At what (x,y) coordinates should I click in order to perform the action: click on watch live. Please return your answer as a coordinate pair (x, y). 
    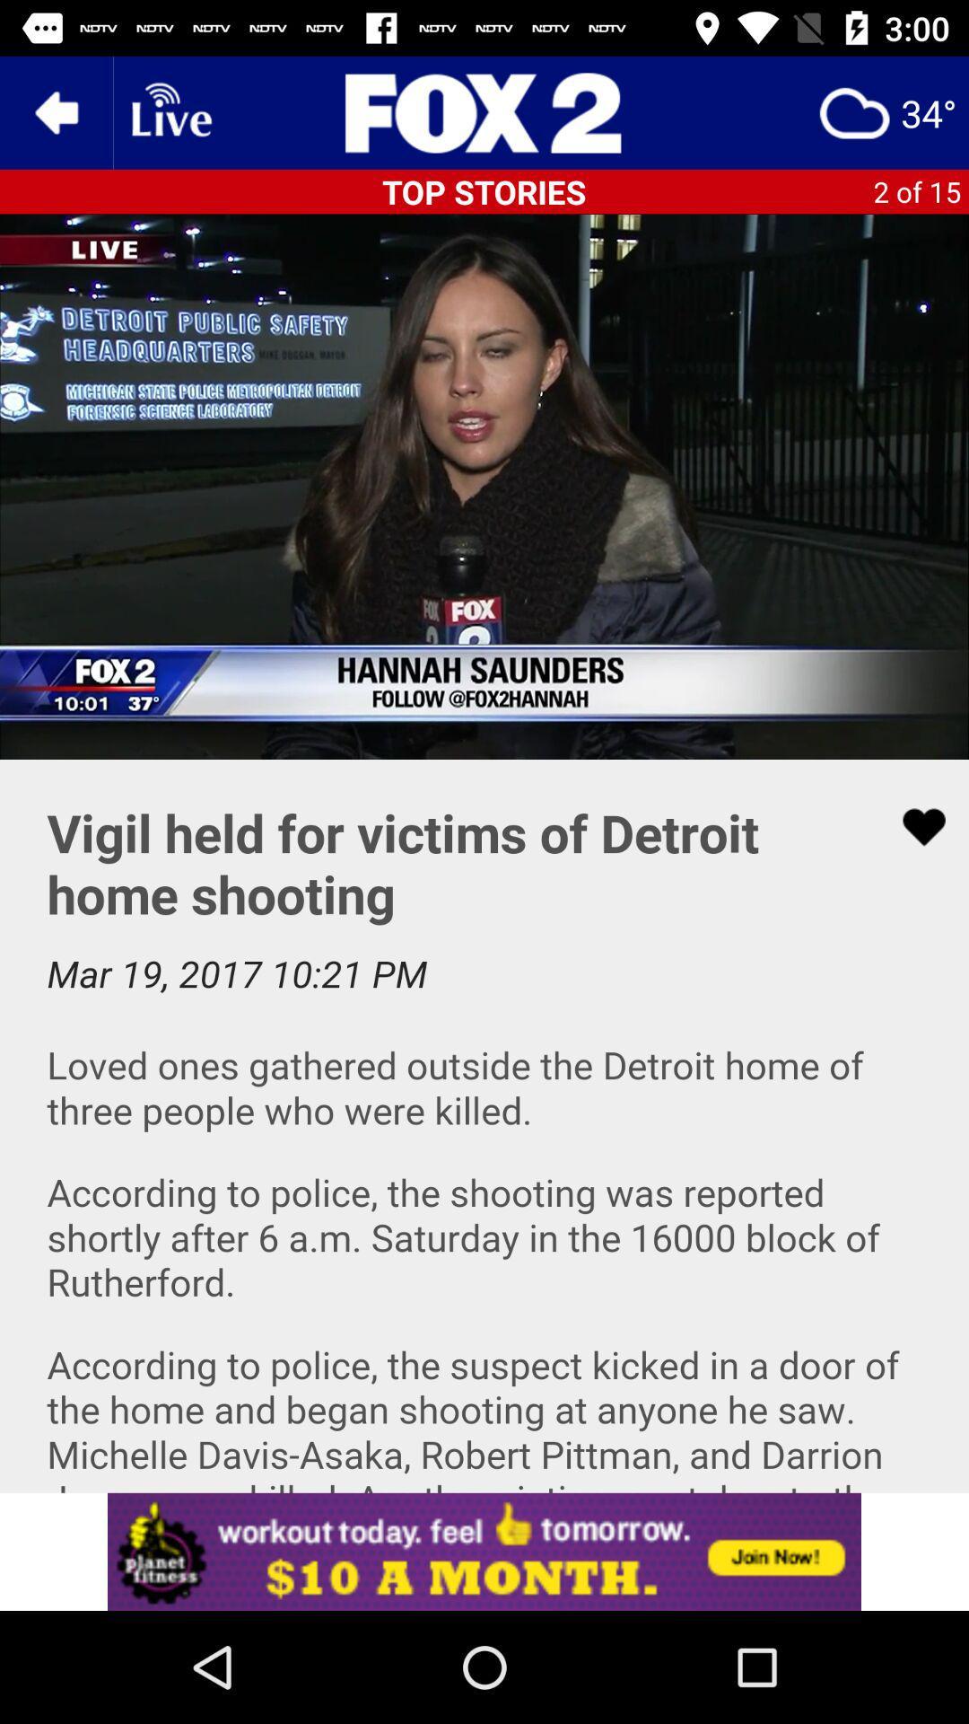
    Looking at the image, I should click on (170, 111).